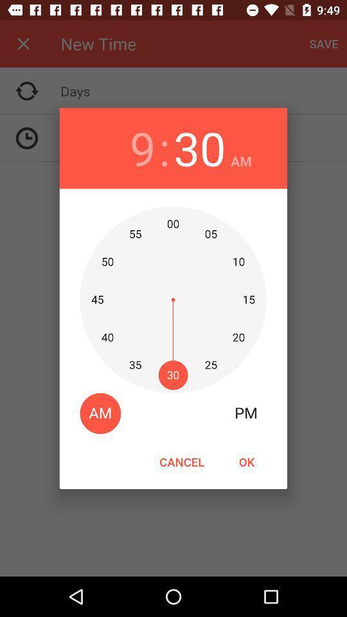  I want to click on the item to the right of the cancel, so click(246, 461).